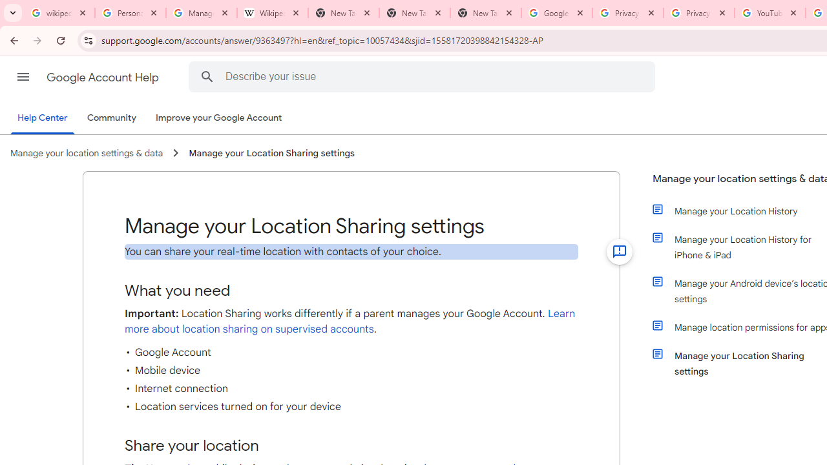 The height and width of the screenshot is (465, 827). I want to click on 'Google Account Help', so click(103, 77).